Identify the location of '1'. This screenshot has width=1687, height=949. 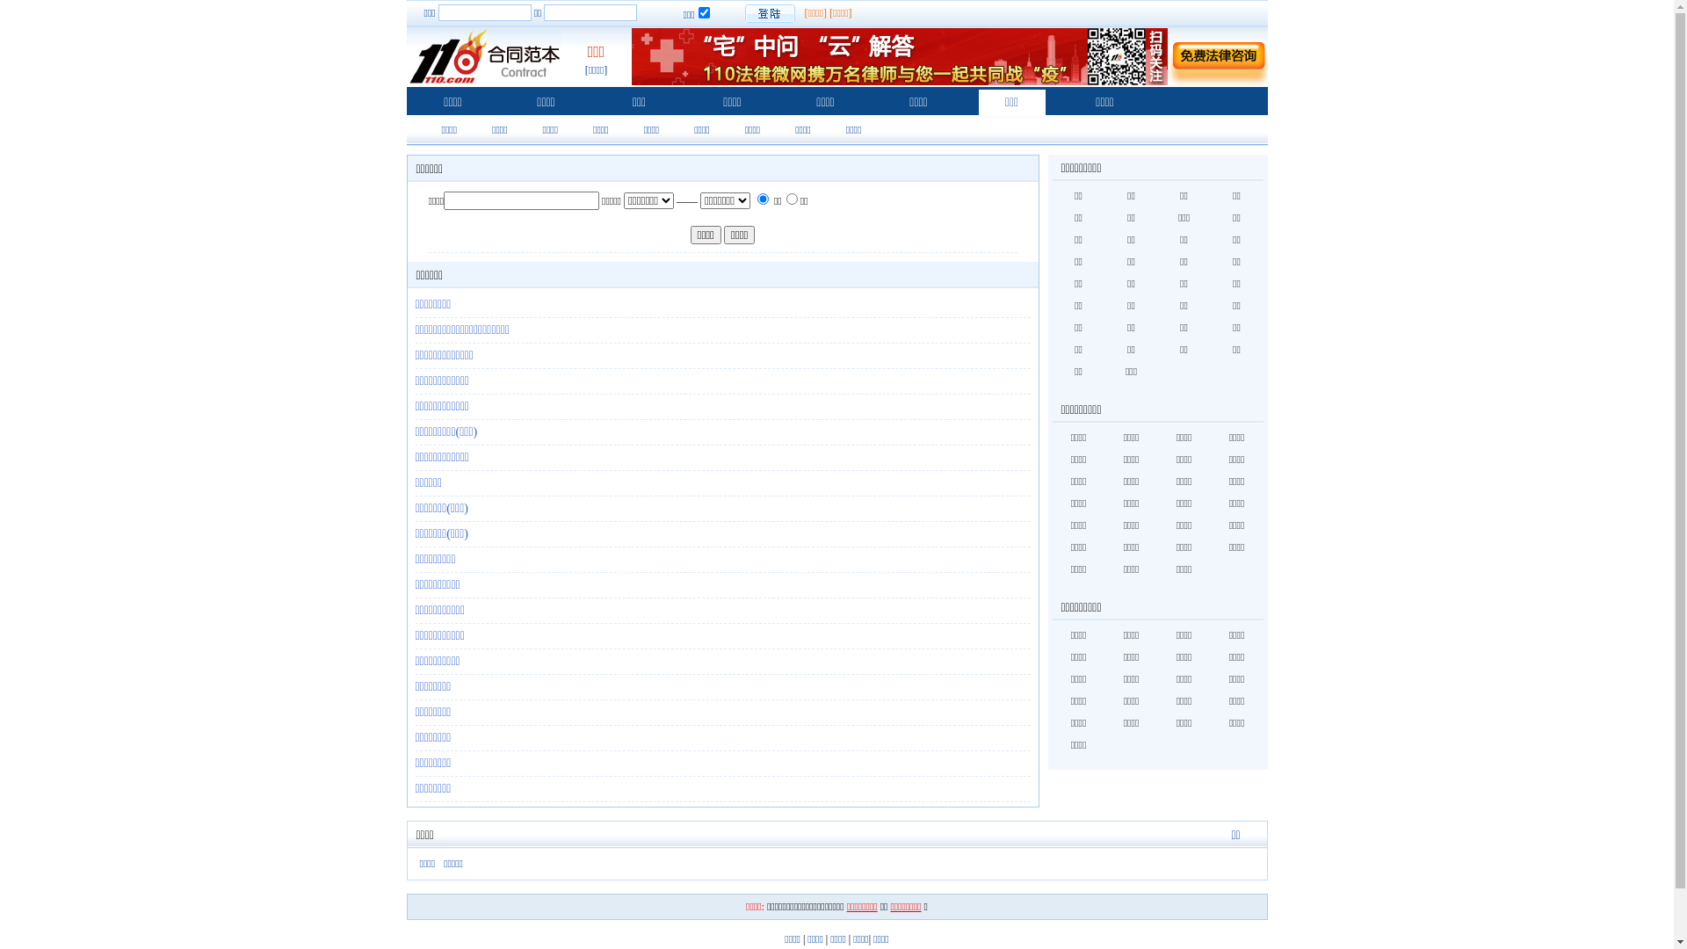
(785, 198).